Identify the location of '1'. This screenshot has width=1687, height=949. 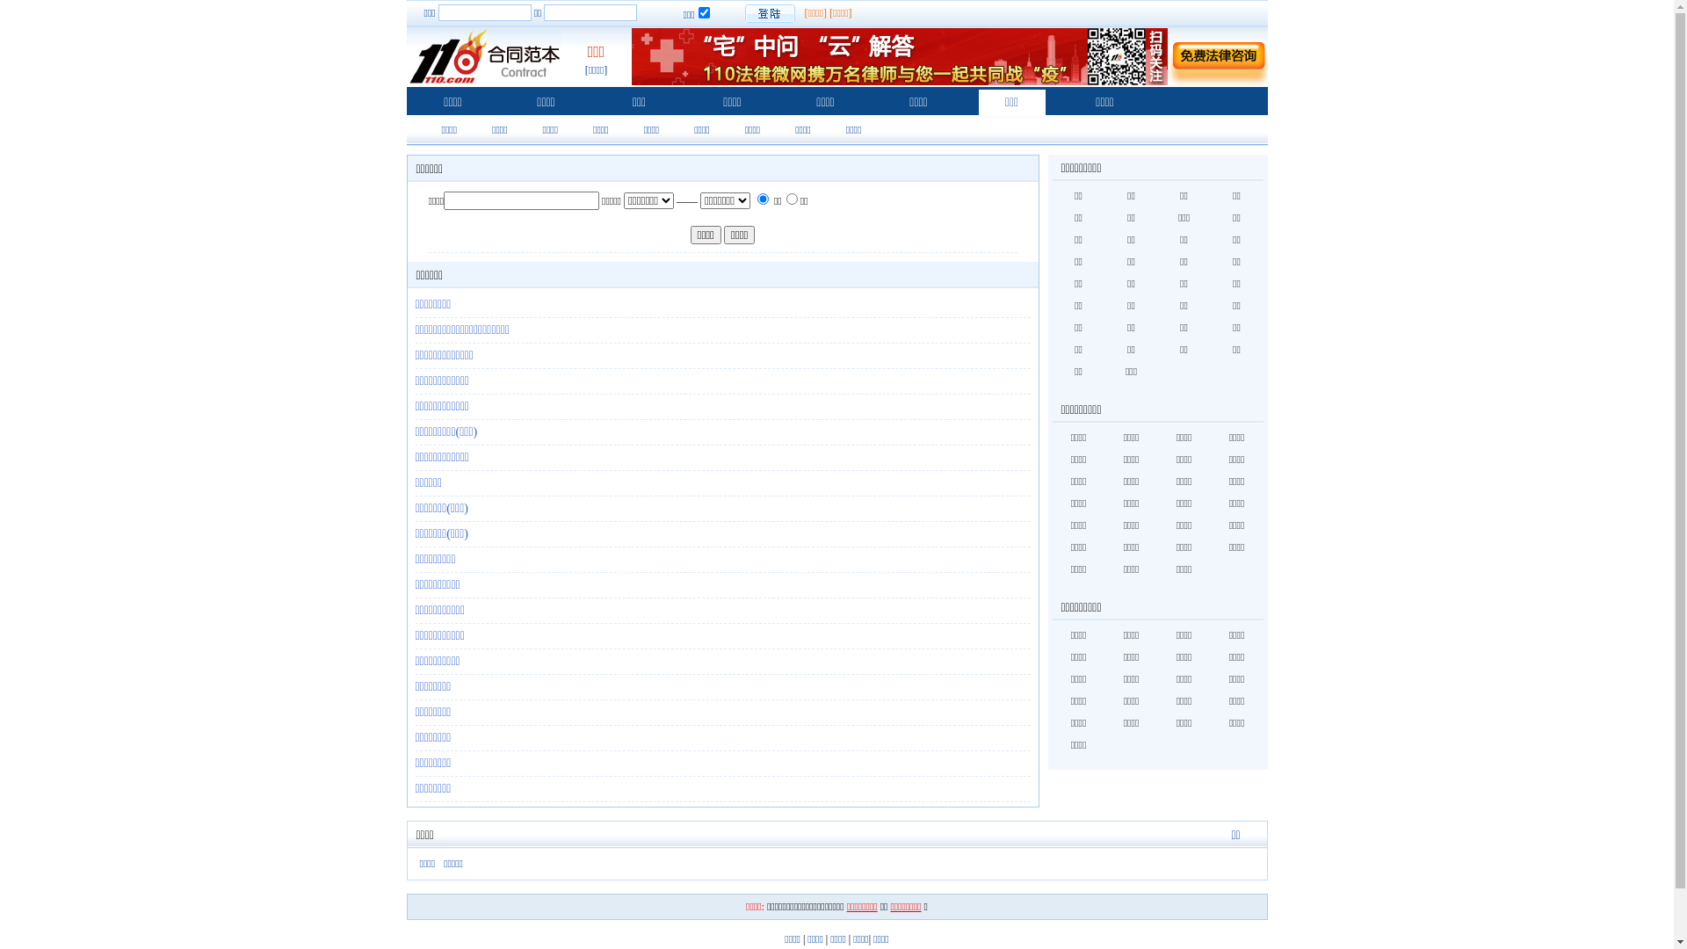
(785, 198).